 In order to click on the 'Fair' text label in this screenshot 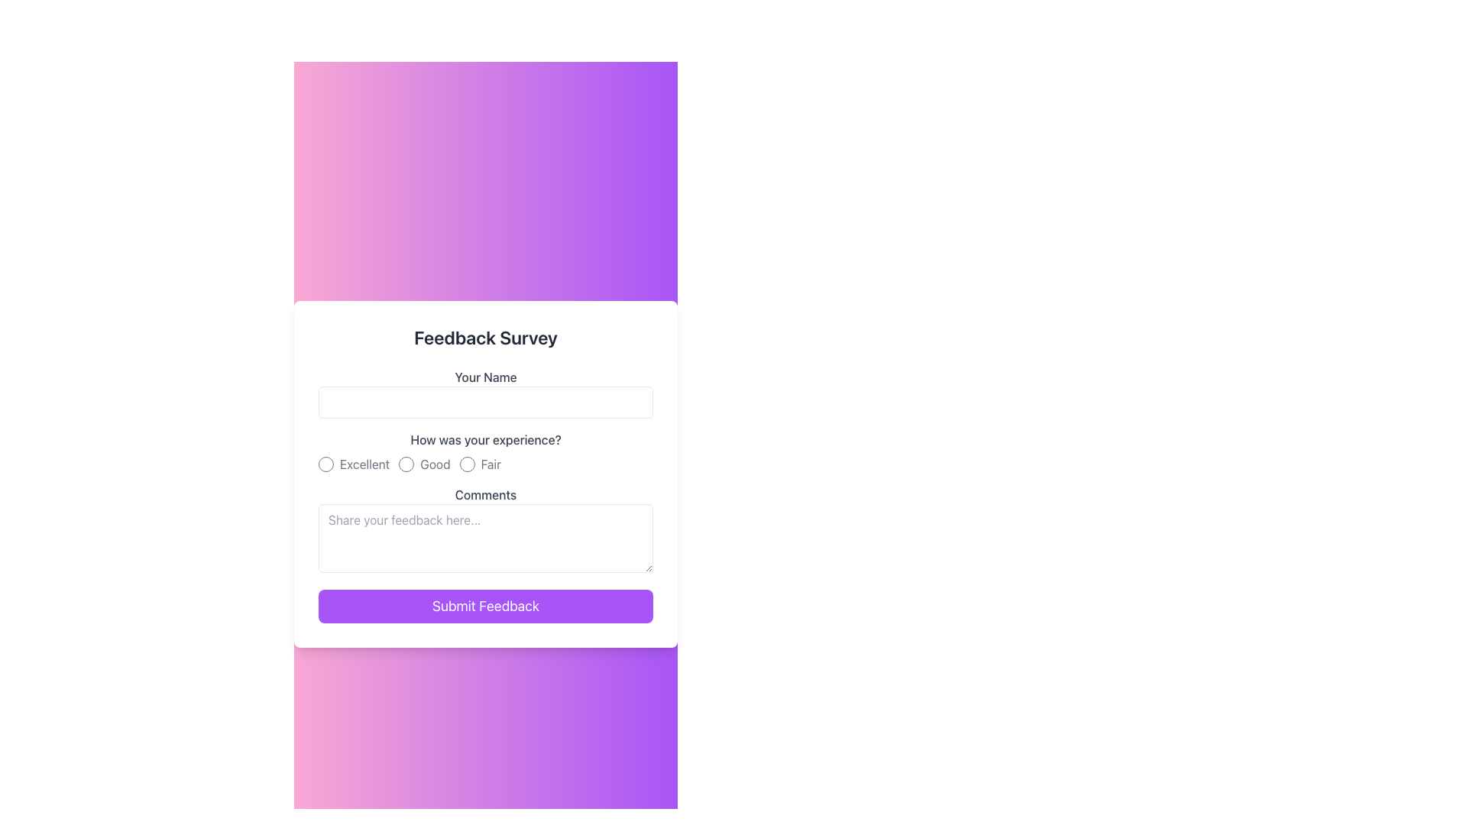, I will do `click(479, 464)`.